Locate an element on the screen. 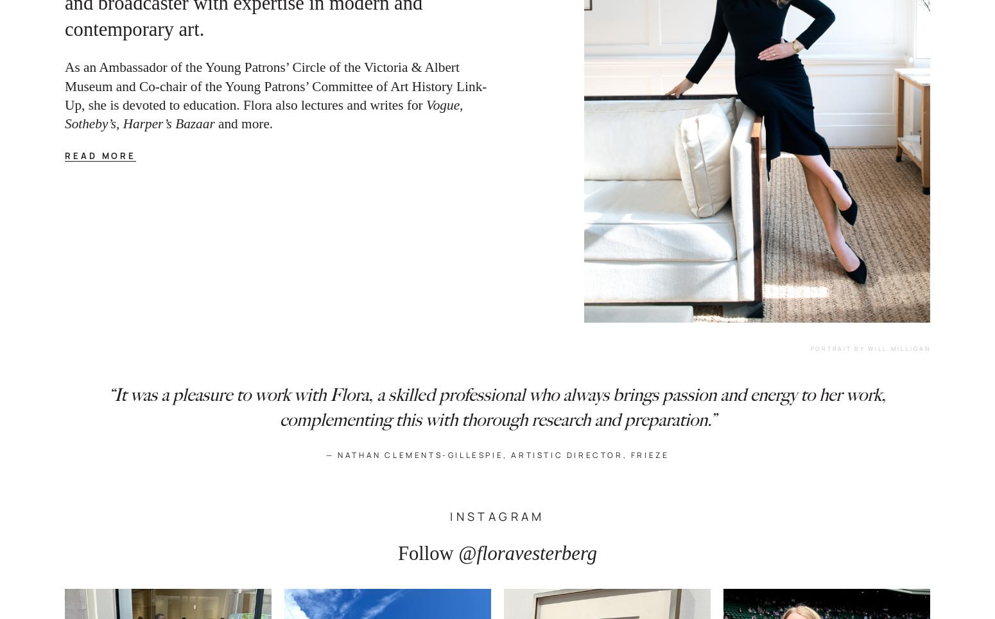 The height and width of the screenshot is (619, 995). 'Read more' is located at coordinates (99, 155).